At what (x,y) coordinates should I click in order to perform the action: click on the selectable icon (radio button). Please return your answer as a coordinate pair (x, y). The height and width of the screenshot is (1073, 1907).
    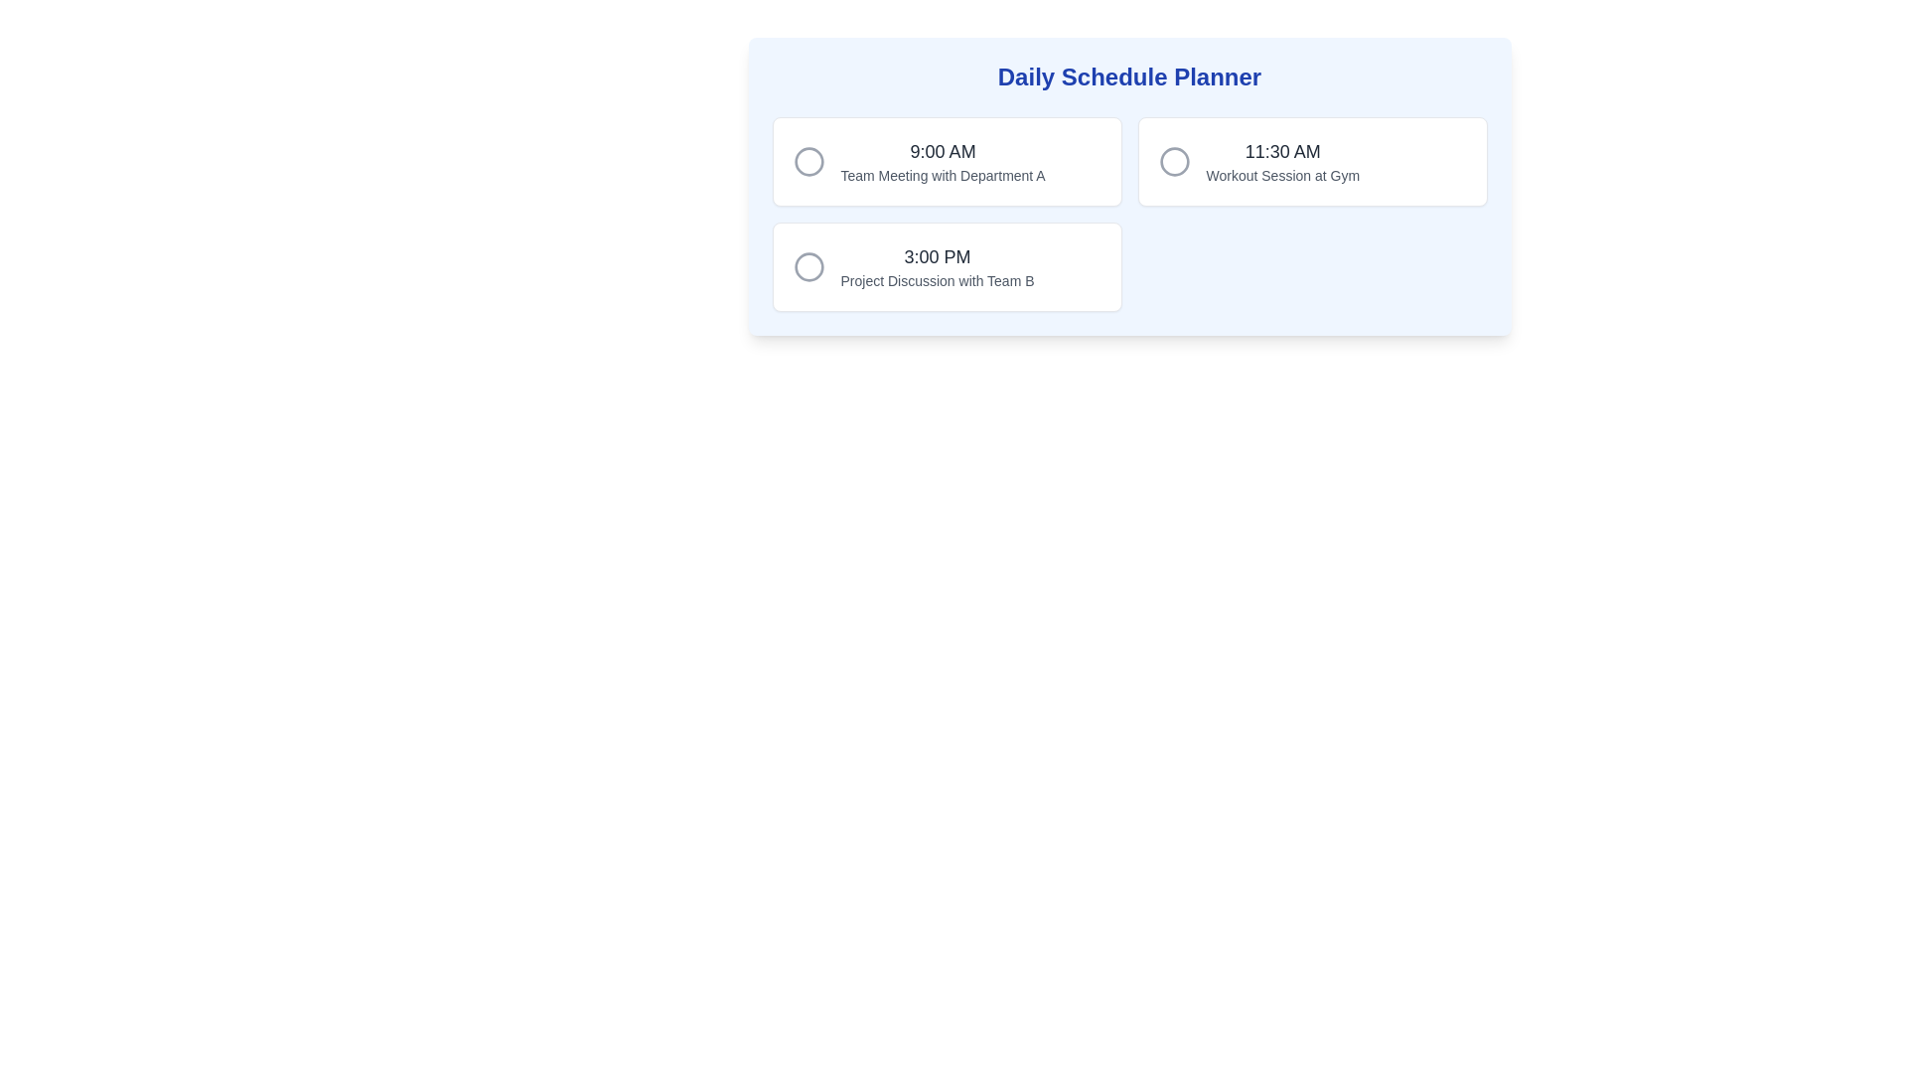
    Looking at the image, I should click on (808, 160).